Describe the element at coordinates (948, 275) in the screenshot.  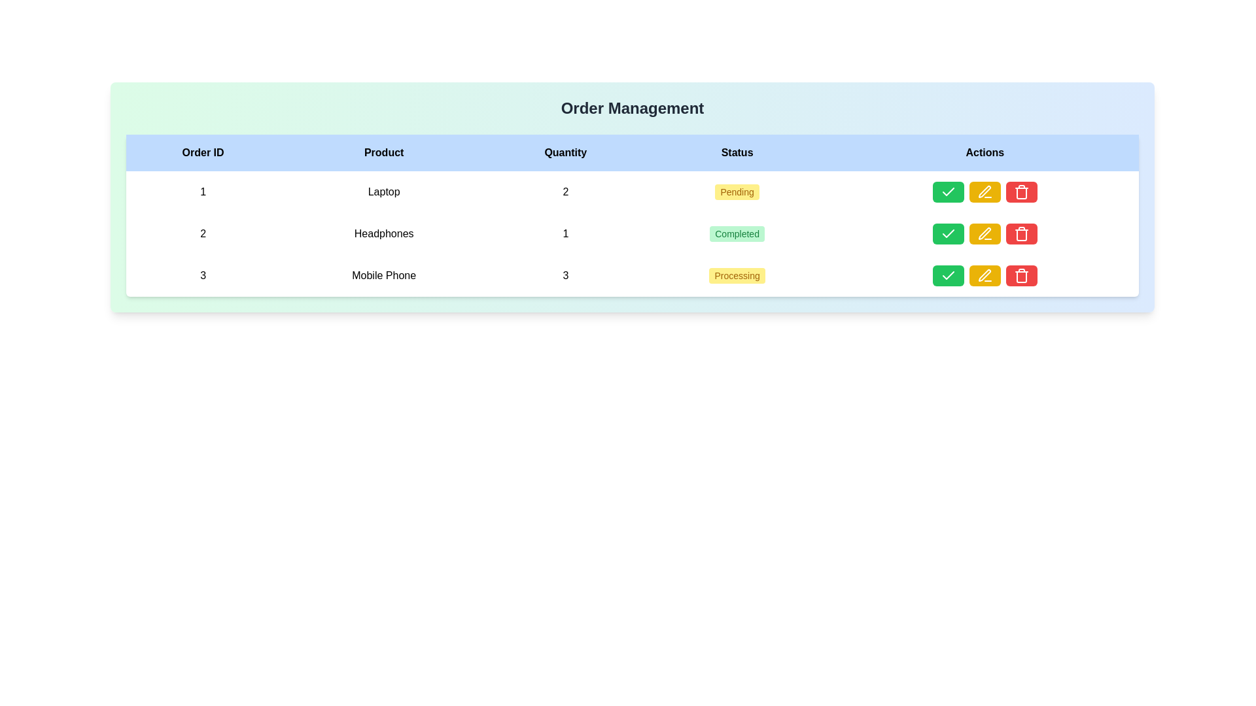
I see `the green confirmation button located in the 'Actions' column of the third row of the table` at that location.